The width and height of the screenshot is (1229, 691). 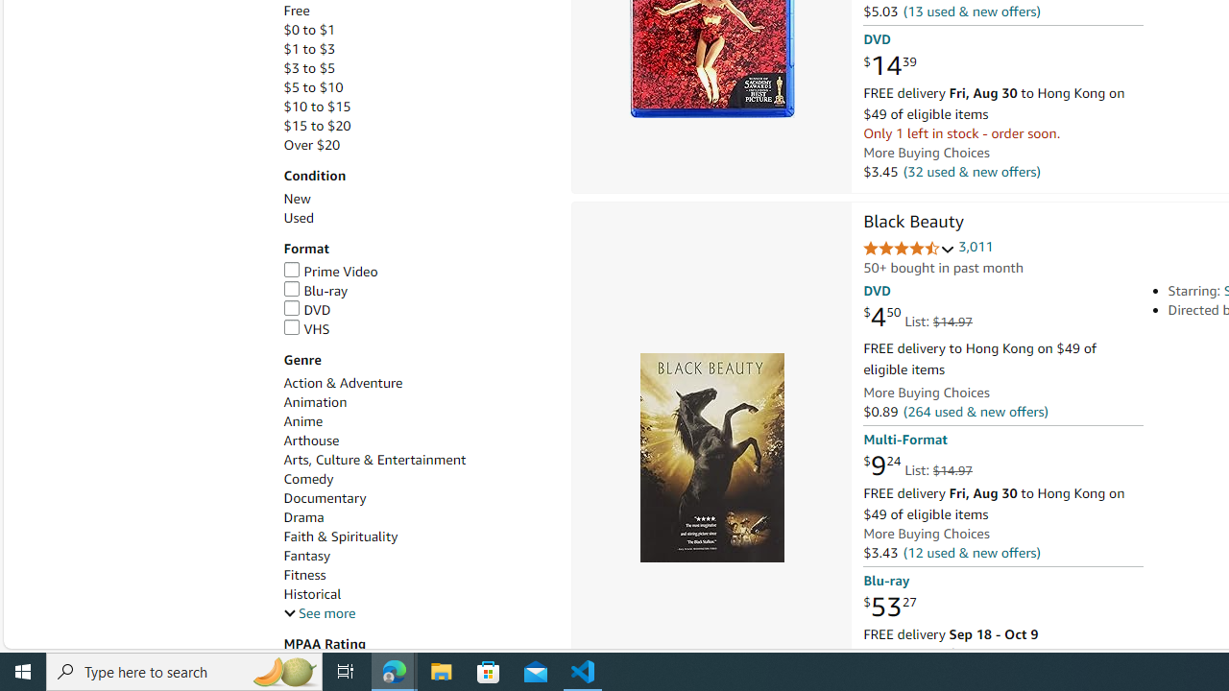 What do you see at coordinates (416, 87) in the screenshot?
I see `'$5 to $10'` at bounding box center [416, 87].